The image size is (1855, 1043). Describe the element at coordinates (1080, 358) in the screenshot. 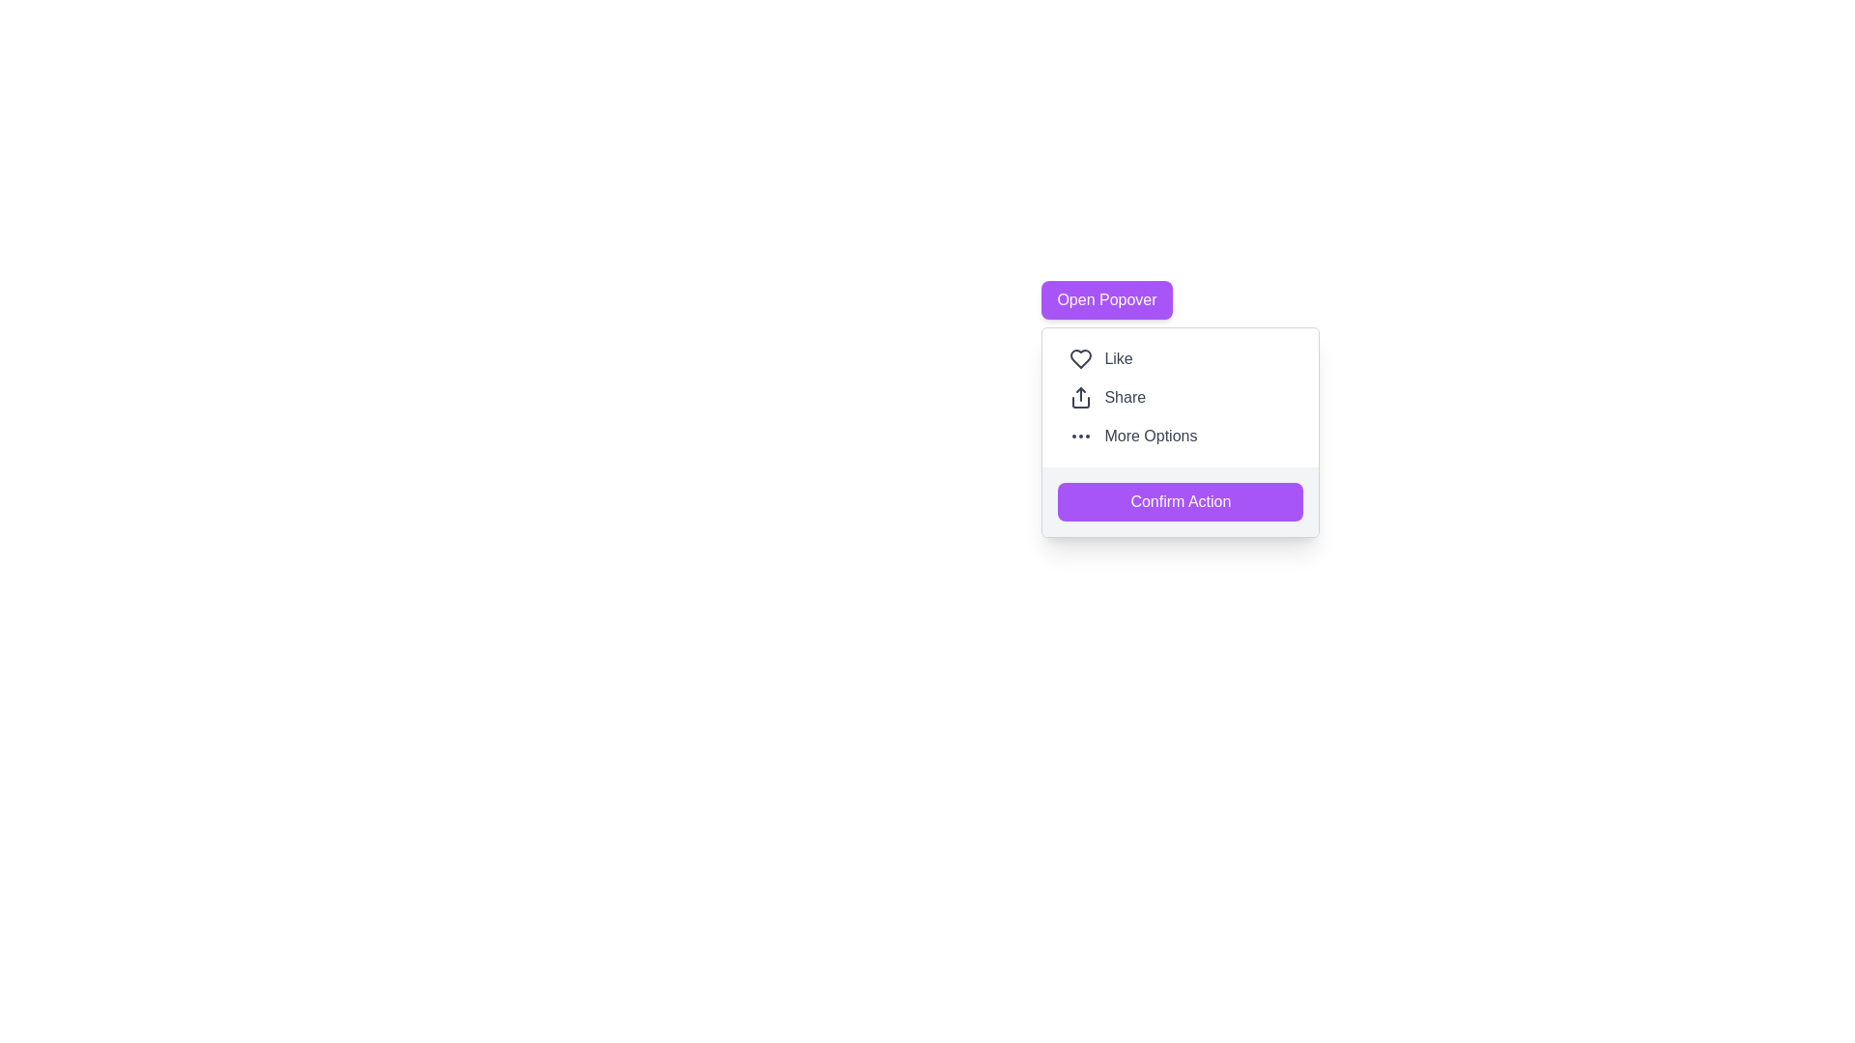

I see `the heart icon, which represents a 'like' or 'favorite' action in the popover menu` at that location.